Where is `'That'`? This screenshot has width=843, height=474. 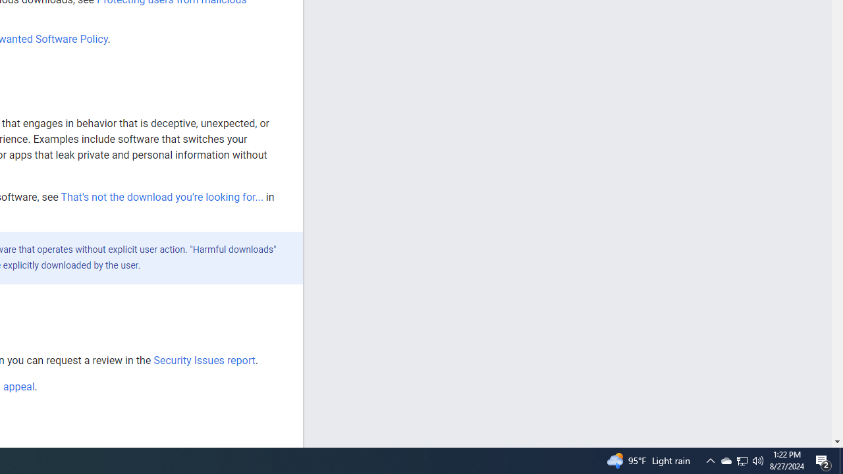 'That' is located at coordinates (161, 197).